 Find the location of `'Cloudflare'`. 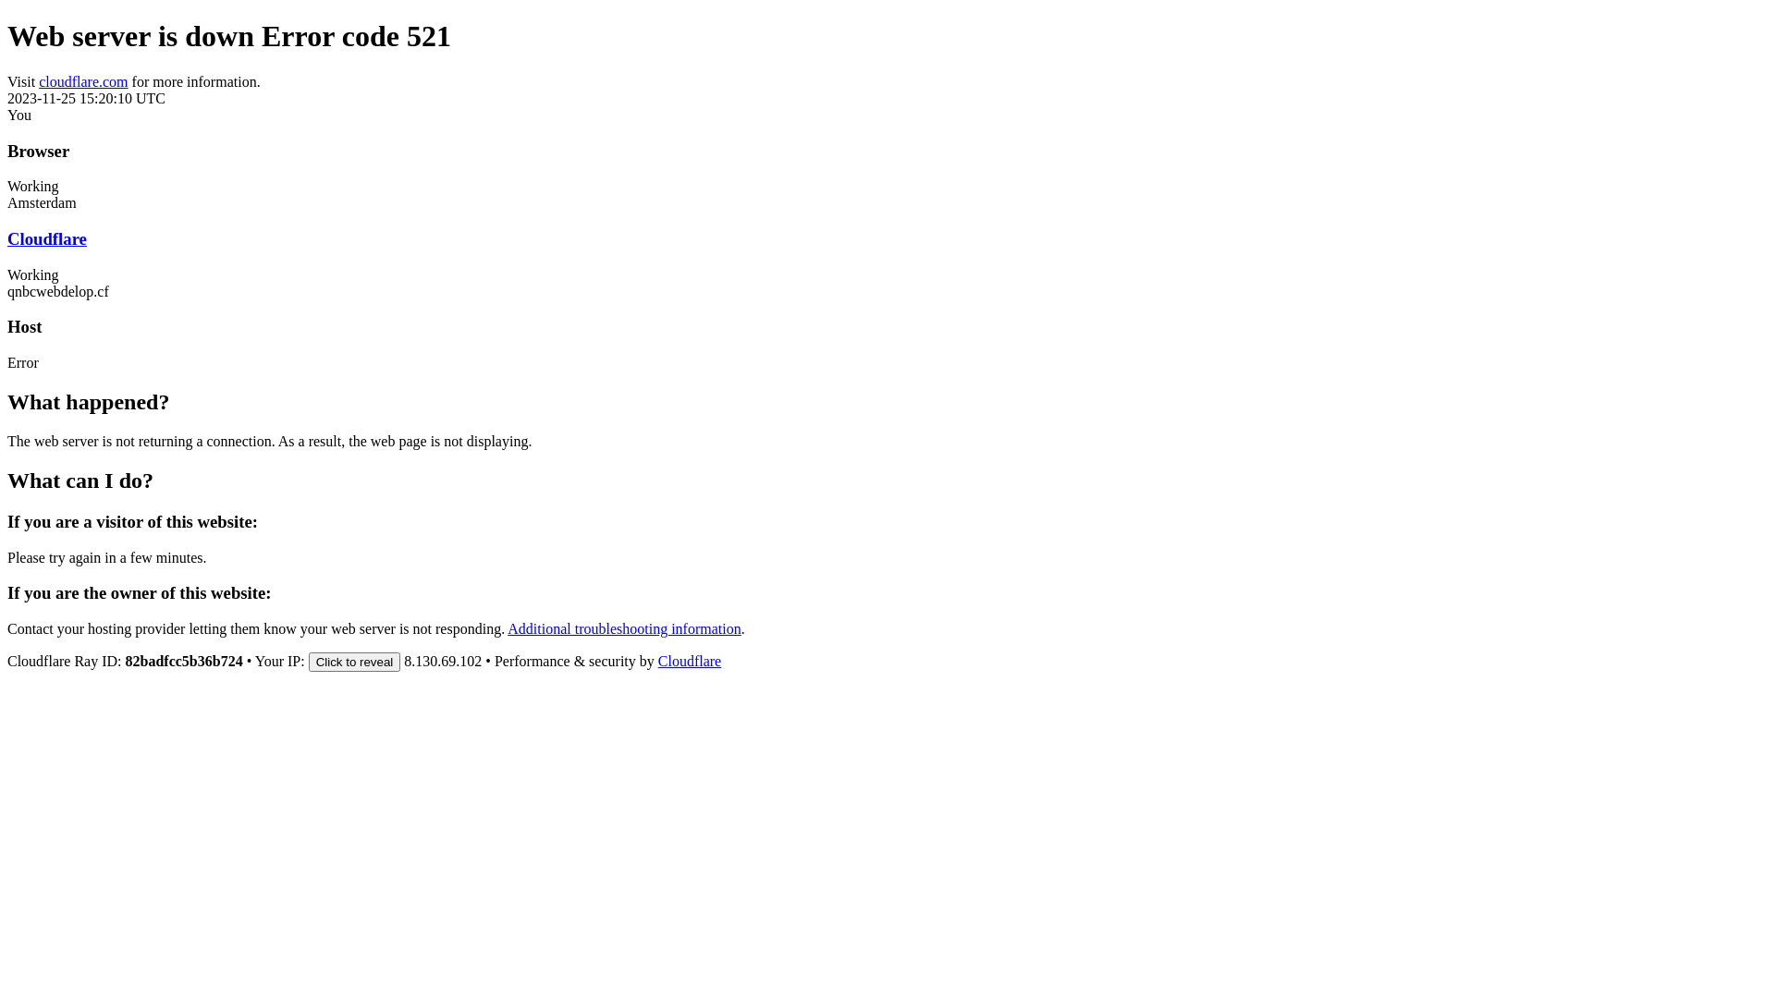

'Cloudflare' is located at coordinates (47, 237).